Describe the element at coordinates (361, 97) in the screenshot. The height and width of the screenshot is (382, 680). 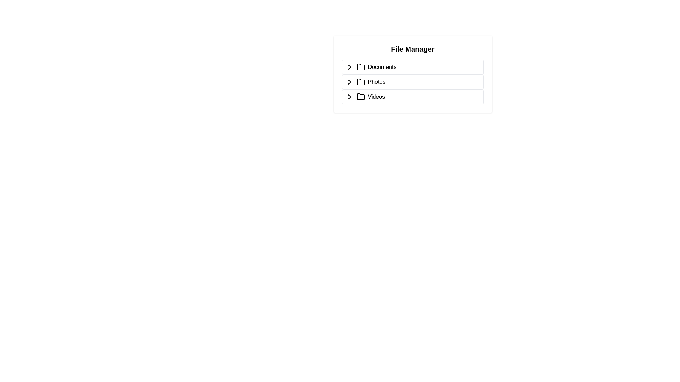
I see `the third folder icon representing the 'Videos' directory in the file manager` at that location.